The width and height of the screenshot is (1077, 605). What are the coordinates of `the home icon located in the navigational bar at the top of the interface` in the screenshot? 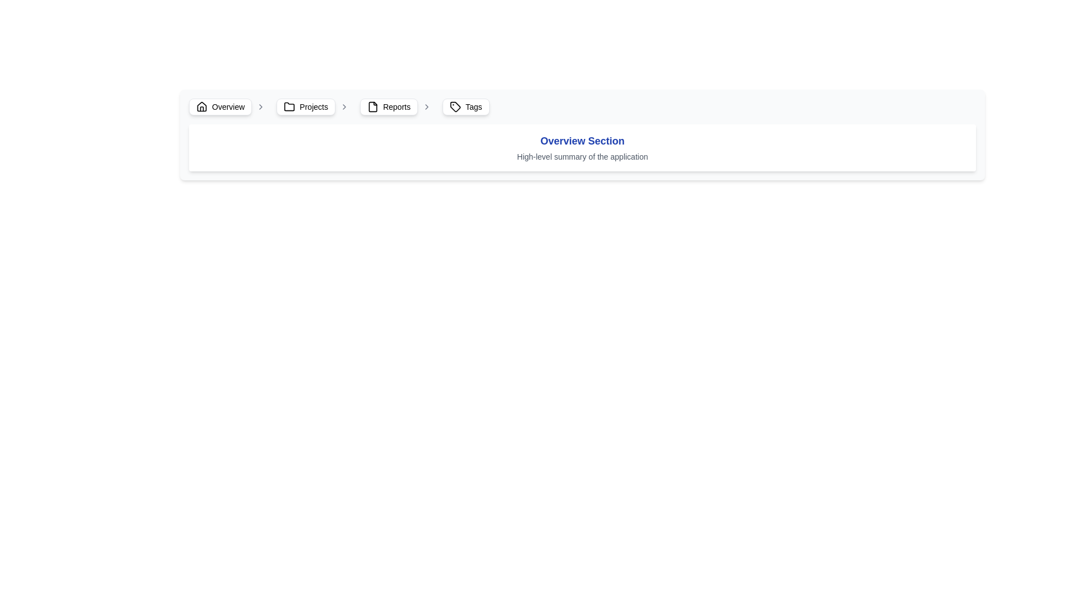 It's located at (202, 107).